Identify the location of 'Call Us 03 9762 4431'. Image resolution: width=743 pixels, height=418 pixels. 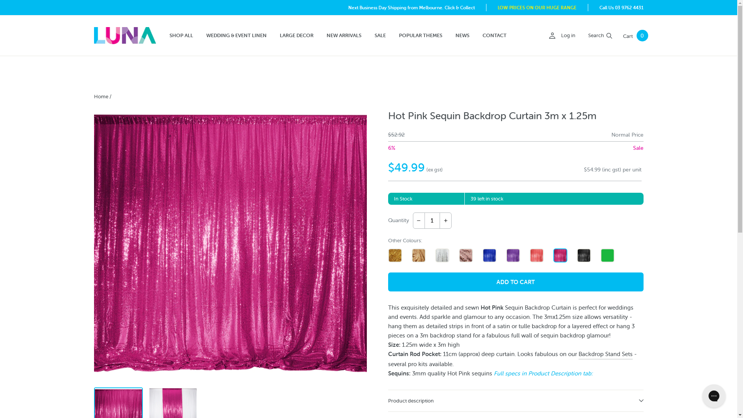
(621, 7).